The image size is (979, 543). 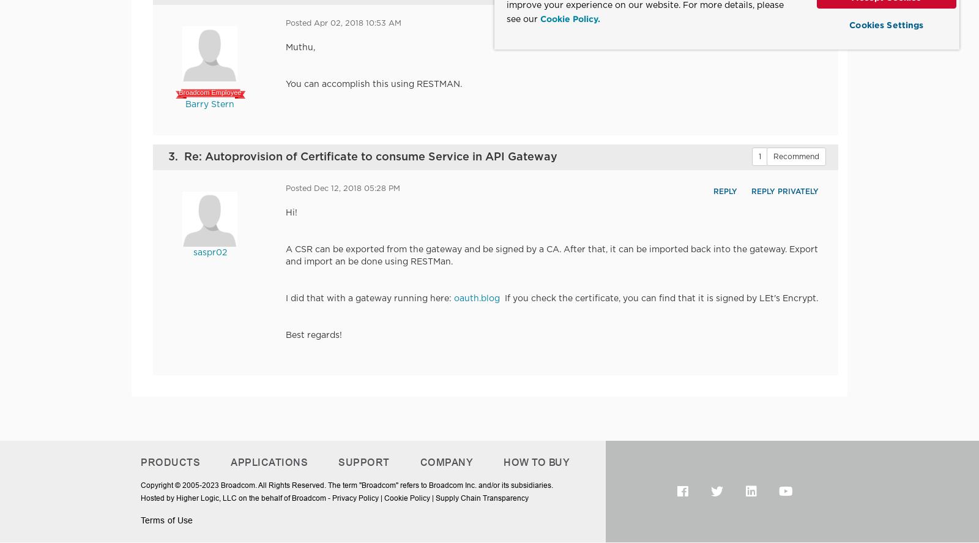 What do you see at coordinates (759, 155) in the screenshot?
I see `'1'` at bounding box center [759, 155].